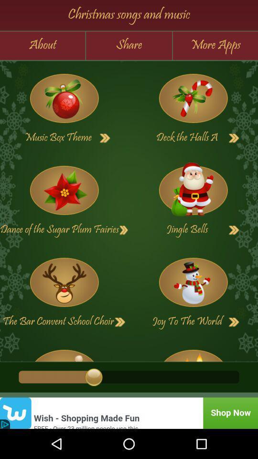 The width and height of the screenshot is (258, 459). Describe the element at coordinates (64, 190) in the screenshot. I see `listen song` at that location.